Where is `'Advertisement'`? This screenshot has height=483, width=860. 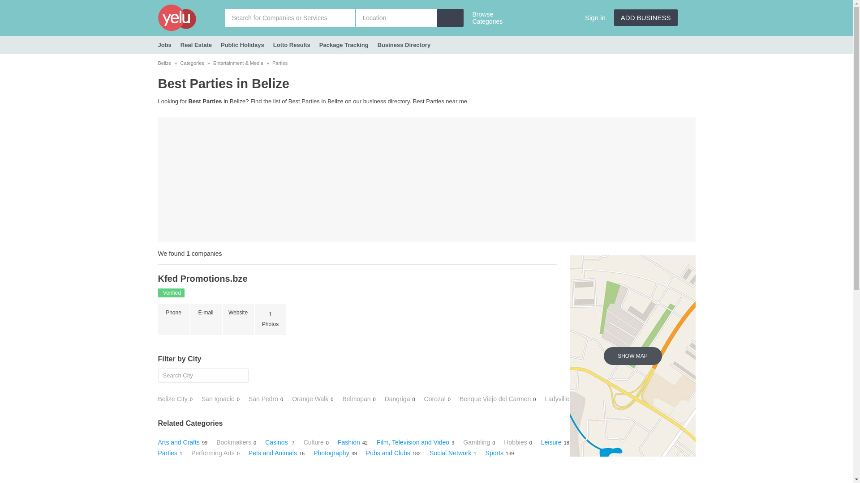
'Advertisement' is located at coordinates (426, 179).